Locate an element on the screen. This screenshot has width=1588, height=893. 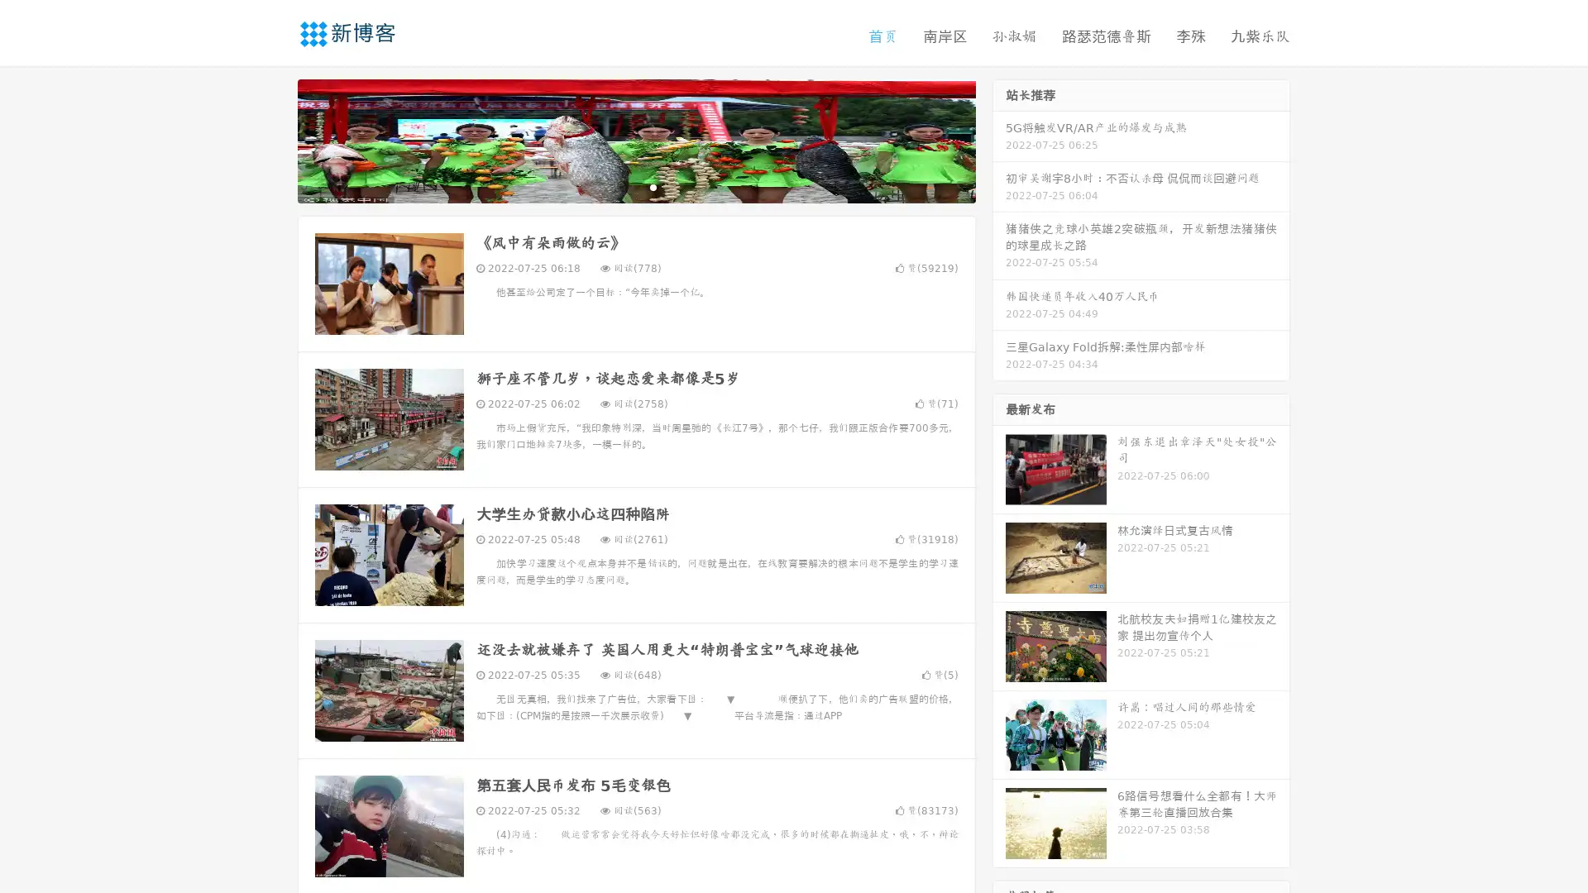
Go to slide 3 is located at coordinates (653, 186).